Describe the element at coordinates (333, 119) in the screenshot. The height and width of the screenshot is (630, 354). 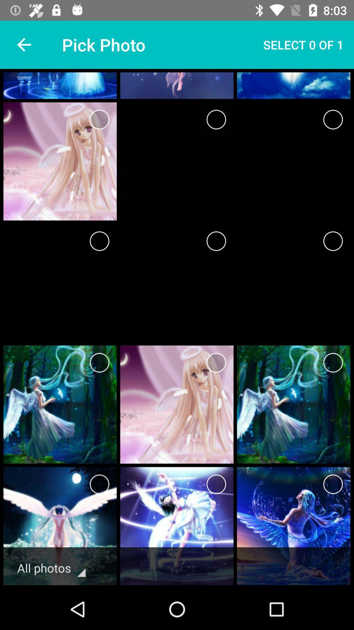
I see `choose this icon` at that location.